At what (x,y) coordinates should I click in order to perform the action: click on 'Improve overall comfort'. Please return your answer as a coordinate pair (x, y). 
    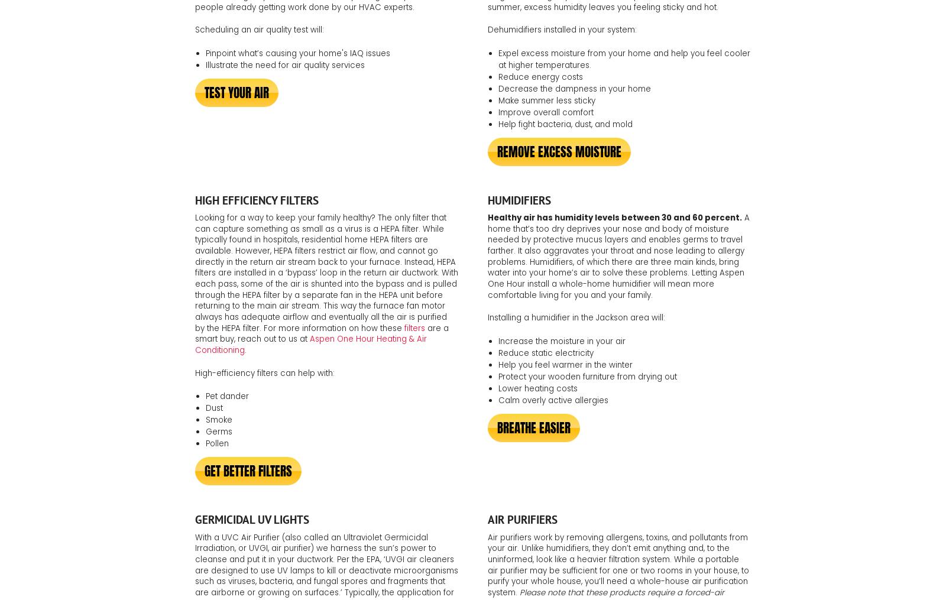
    Looking at the image, I should click on (545, 111).